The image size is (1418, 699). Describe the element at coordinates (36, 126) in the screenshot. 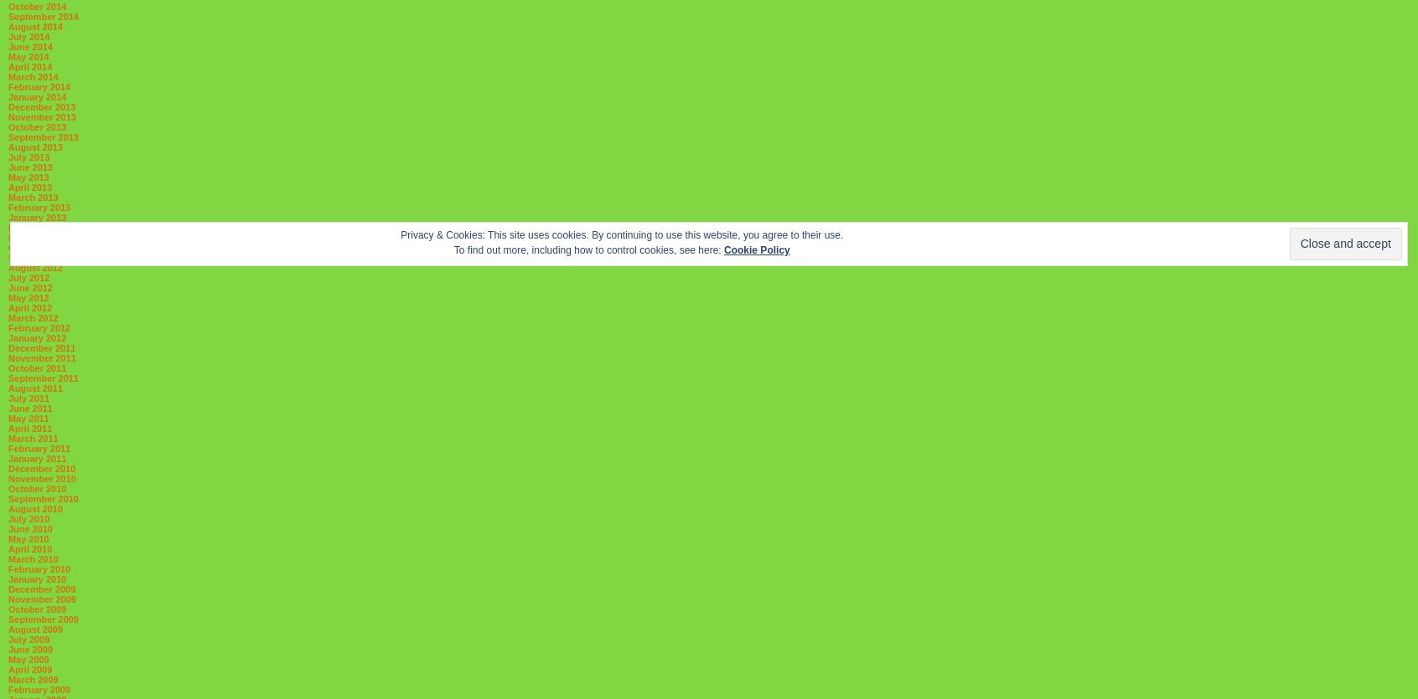

I see `'October 2013'` at that location.